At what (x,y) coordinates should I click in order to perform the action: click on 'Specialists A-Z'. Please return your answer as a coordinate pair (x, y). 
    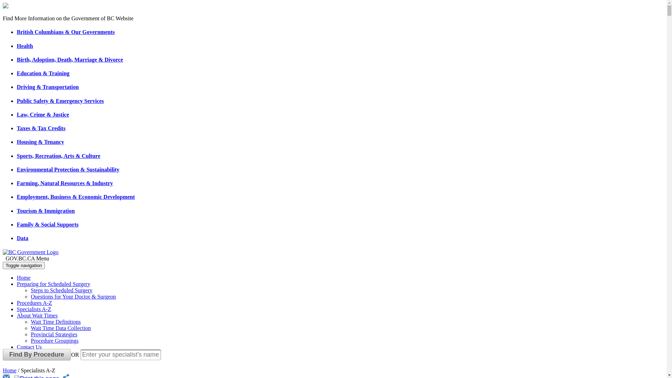
    Looking at the image, I should click on (33, 309).